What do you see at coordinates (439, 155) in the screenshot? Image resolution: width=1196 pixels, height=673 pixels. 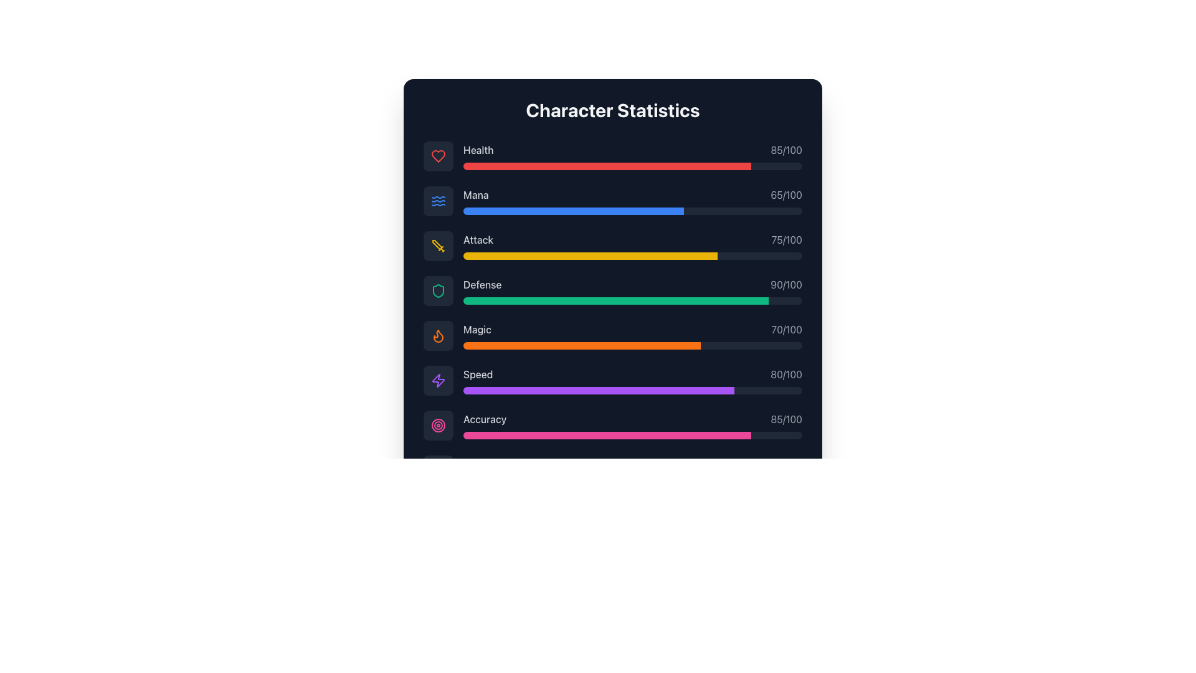 I see `SVG structure of the health indicator icon located to the left of the 'Health' label in the first row of the statistics table` at bounding box center [439, 155].